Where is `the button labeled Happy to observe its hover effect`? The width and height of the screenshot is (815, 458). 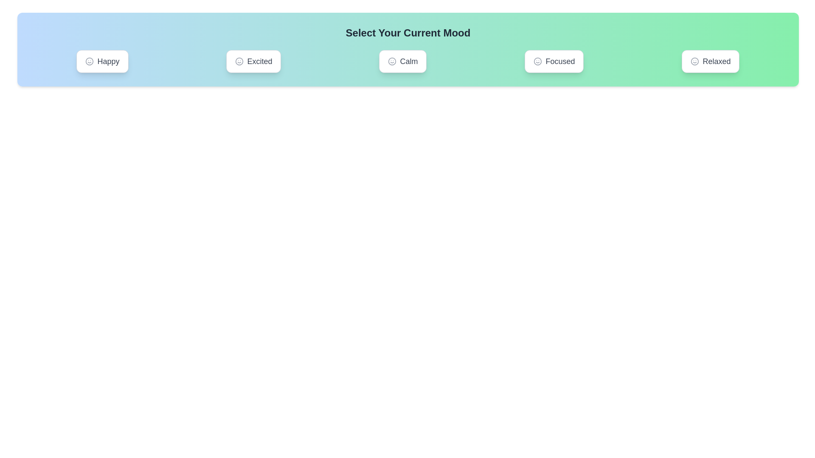
the button labeled Happy to observe its hover effect is located at coordinates (102, 61).